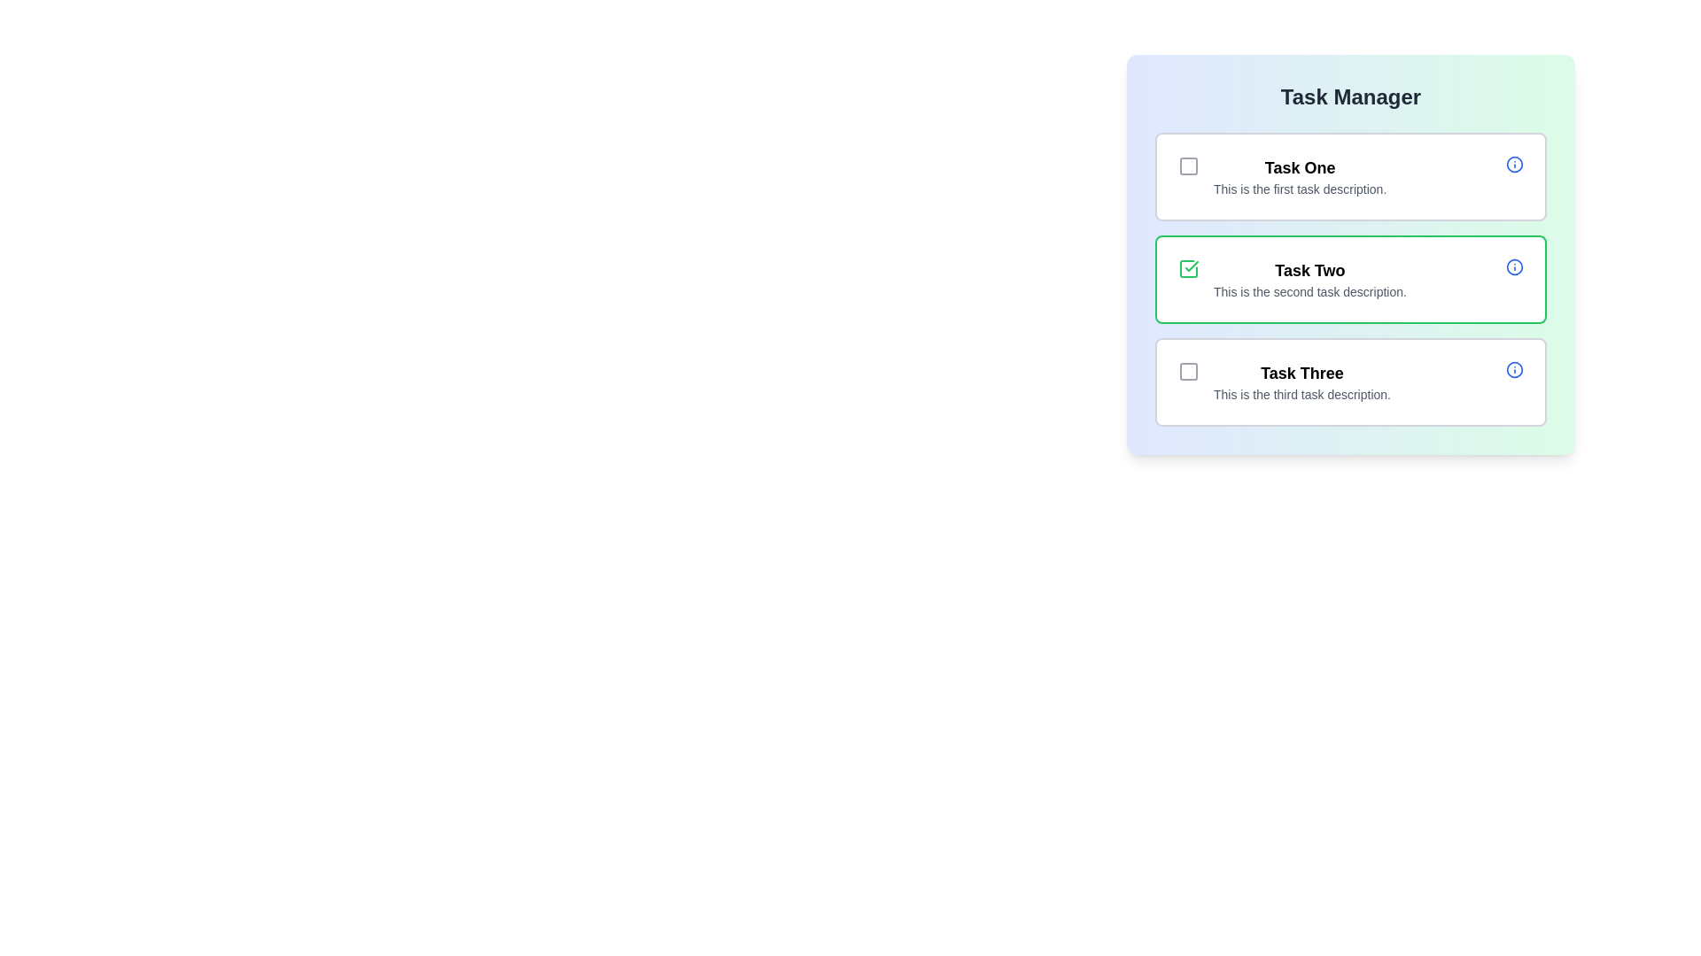 Image resolution: width=1701 pixels, height=956 pixels. What do you see at coordinates (1192, 266) in the screenshot?
I see `the green checkmark icon within the task item labeled 'Task Two', which is outlined in green and has a white background` at bounding box center [1192, 266].